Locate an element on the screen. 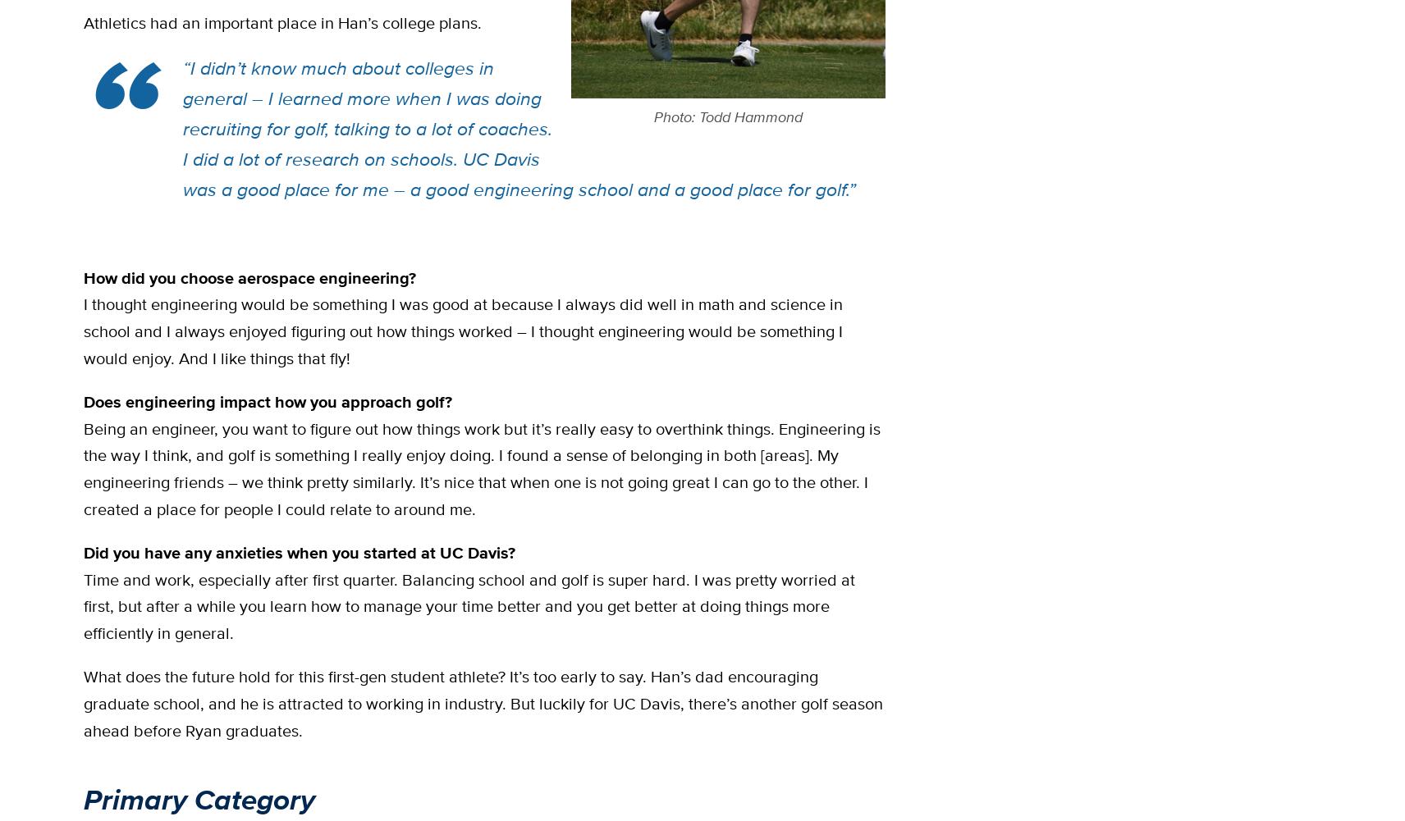 This screenshot has width=1405, height=821. 'Athletics had an important place in Han’s college plans.' is located at coordinates (282, 22).